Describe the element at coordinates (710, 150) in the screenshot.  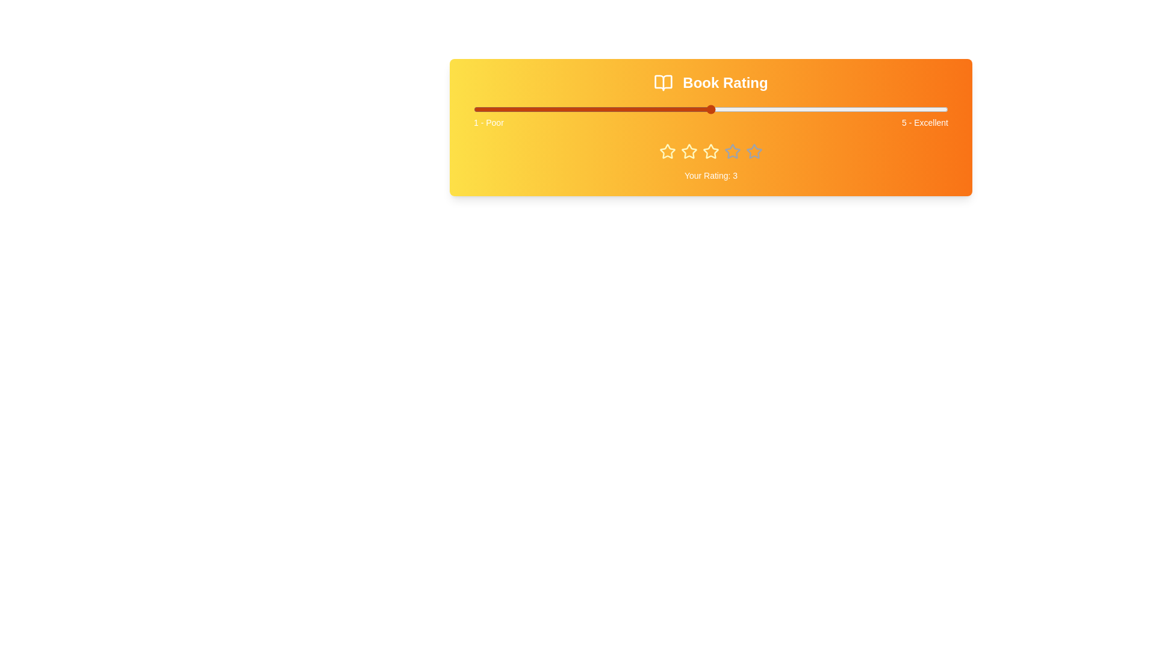
I see `the glowing yellow star icon, which is the third in a row of five` at that location.